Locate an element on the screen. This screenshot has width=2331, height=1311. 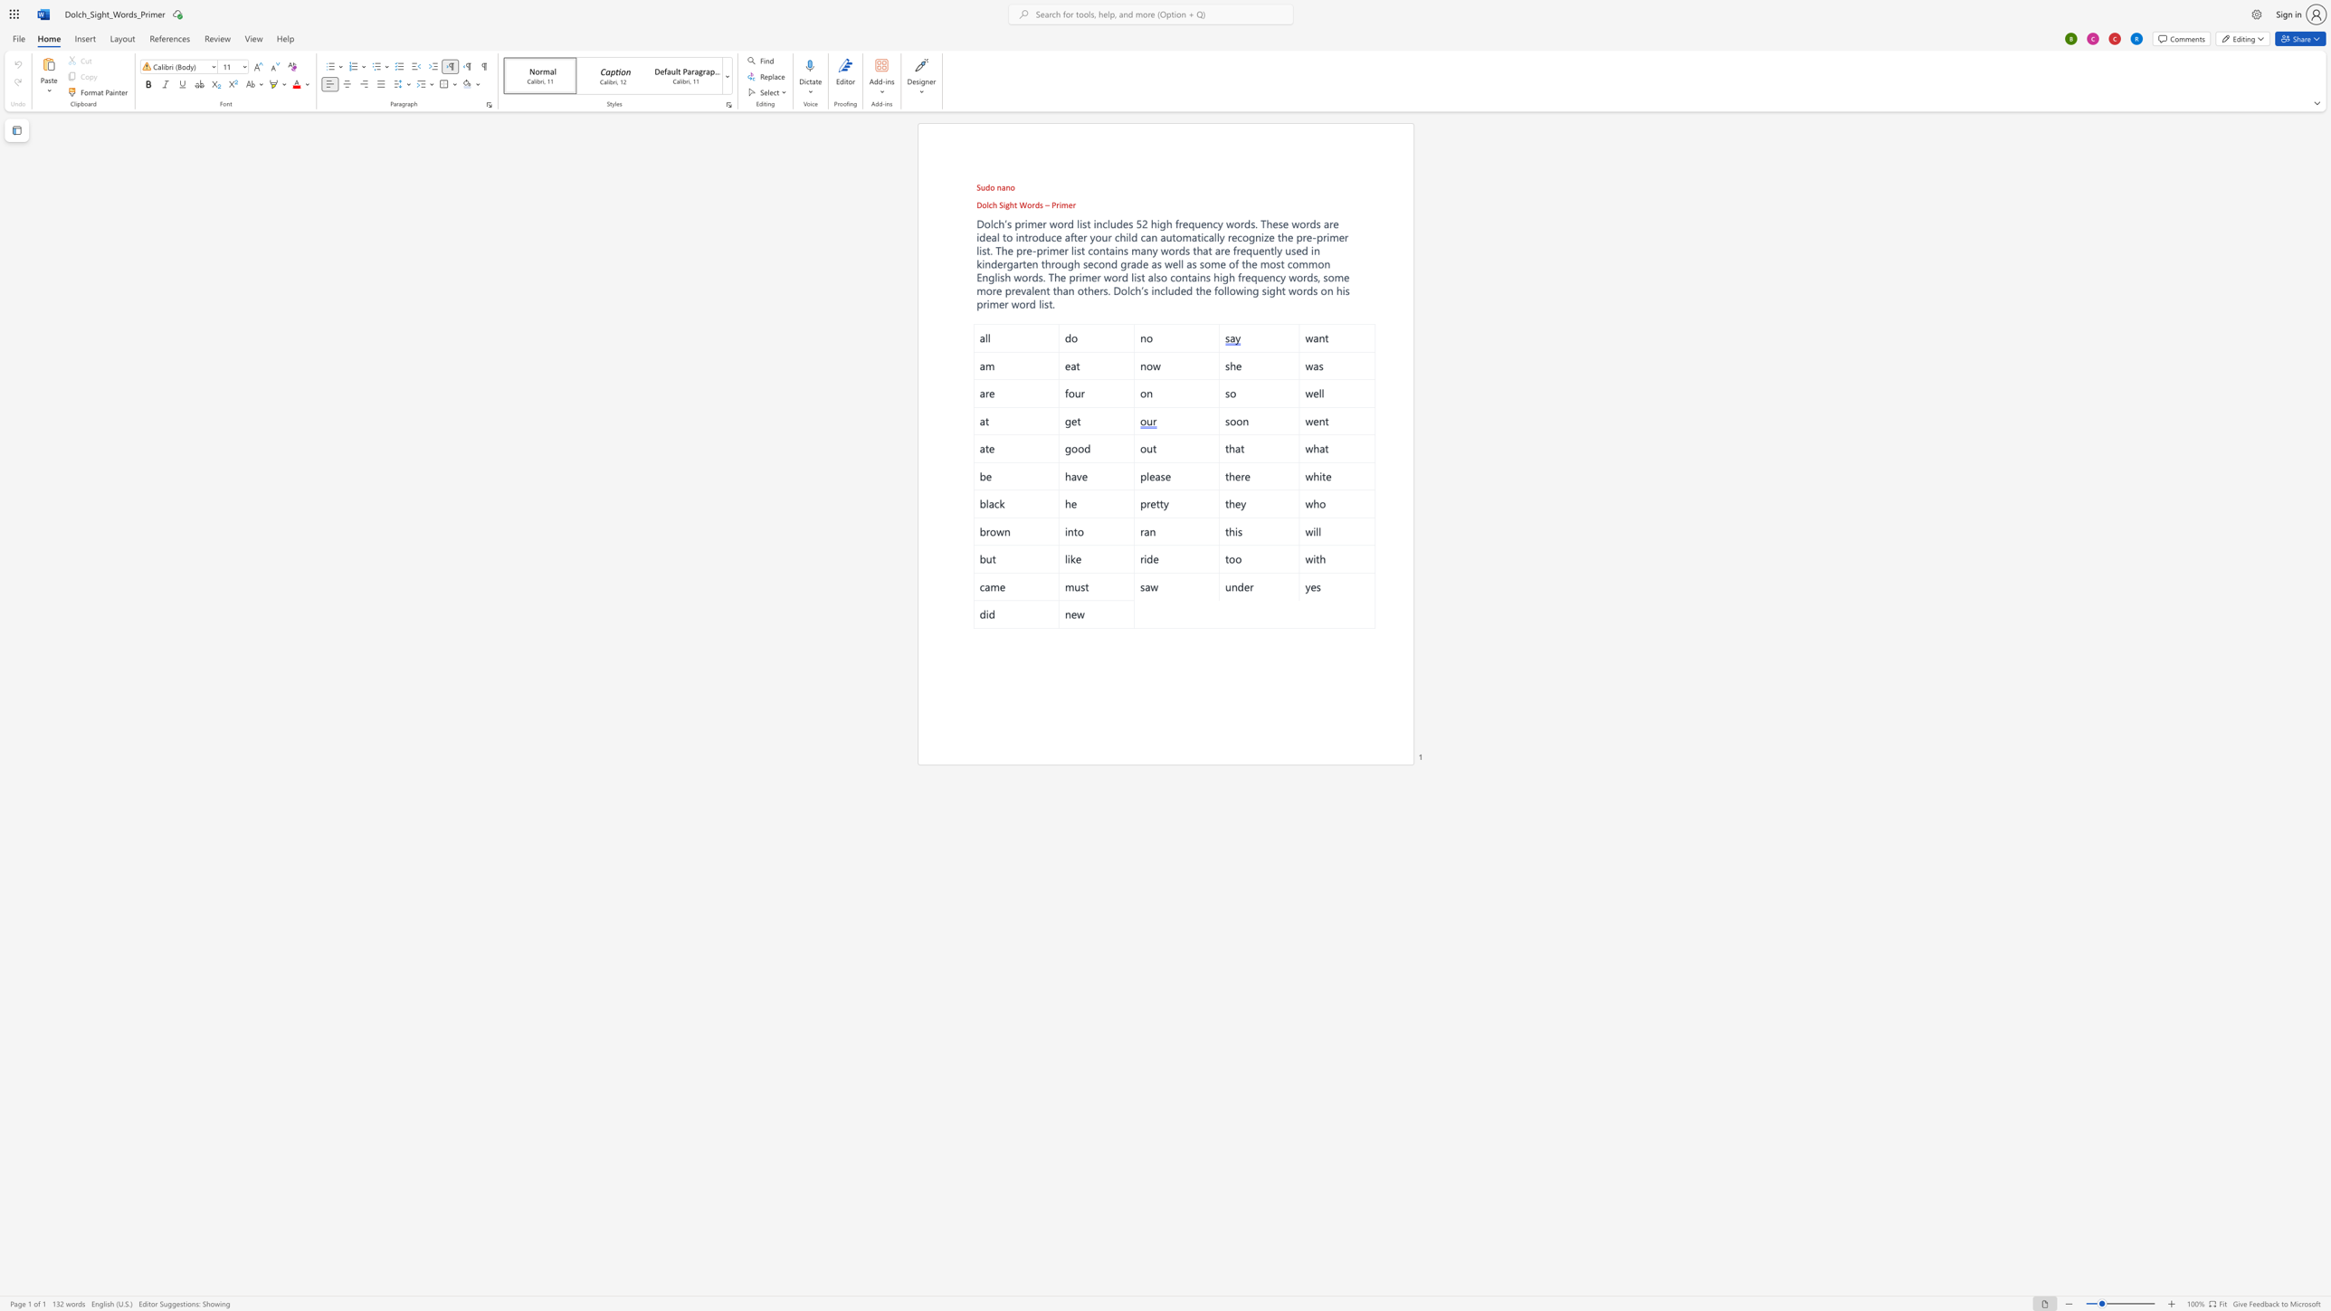
the subset text "at ar" within the text "many words that are" is located at coordinates (1202, 249).